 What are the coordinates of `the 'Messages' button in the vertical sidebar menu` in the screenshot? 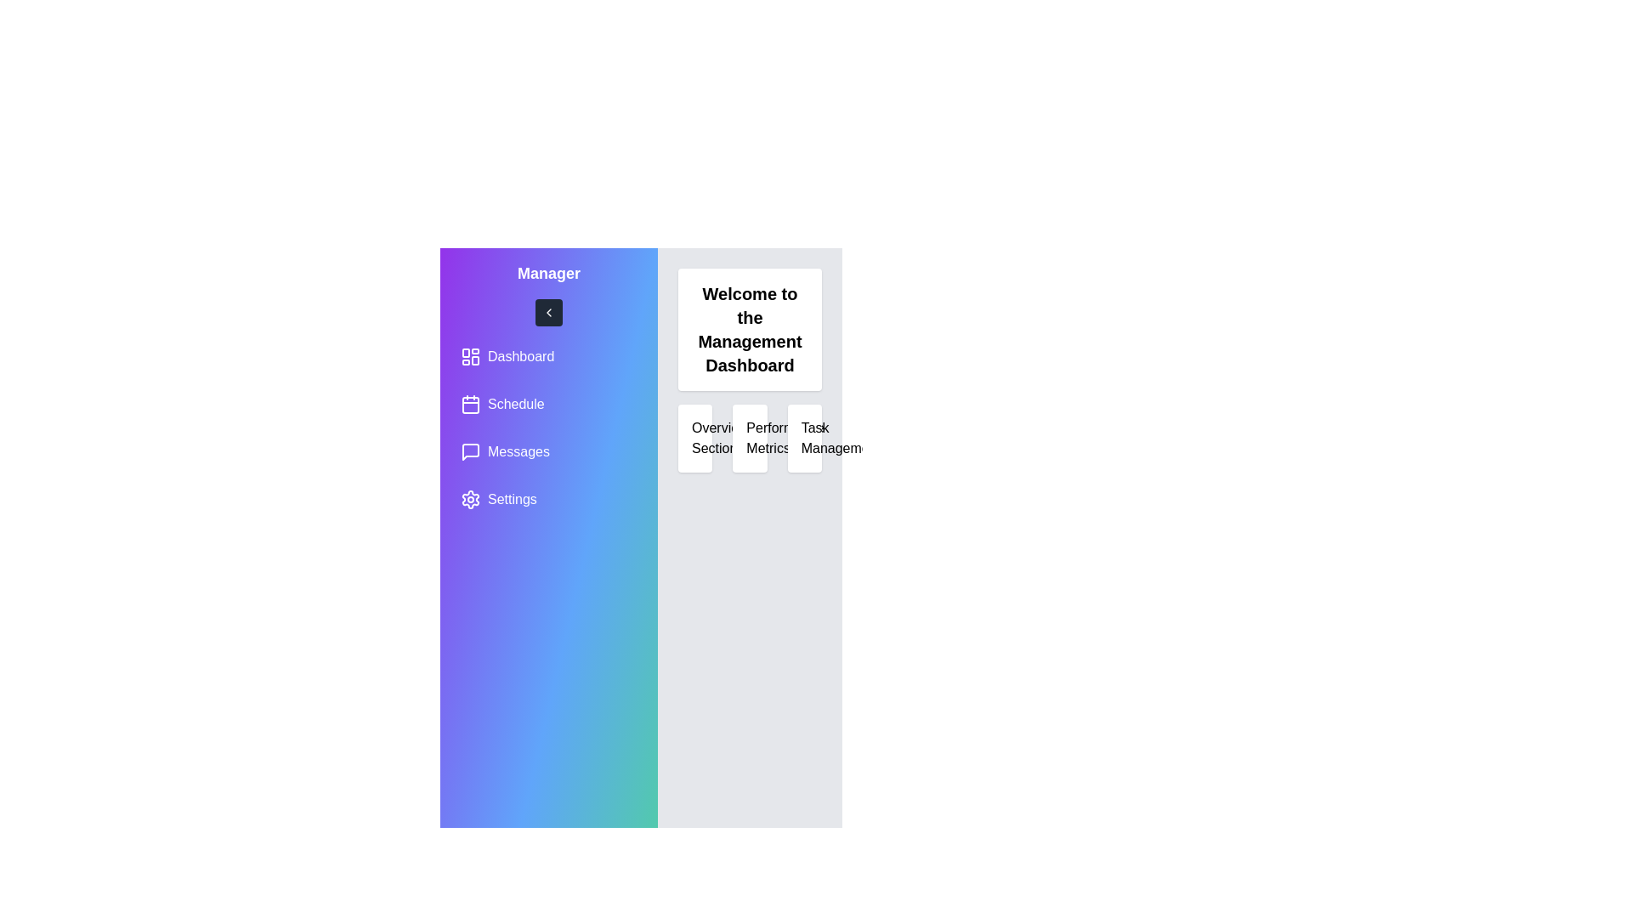 It's located at (549, 451).